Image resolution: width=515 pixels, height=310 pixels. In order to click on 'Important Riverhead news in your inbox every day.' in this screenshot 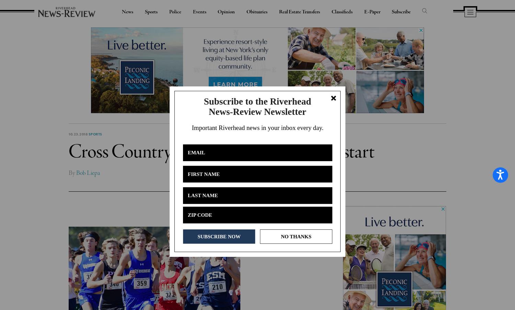, I will do `click(257, 127)`.